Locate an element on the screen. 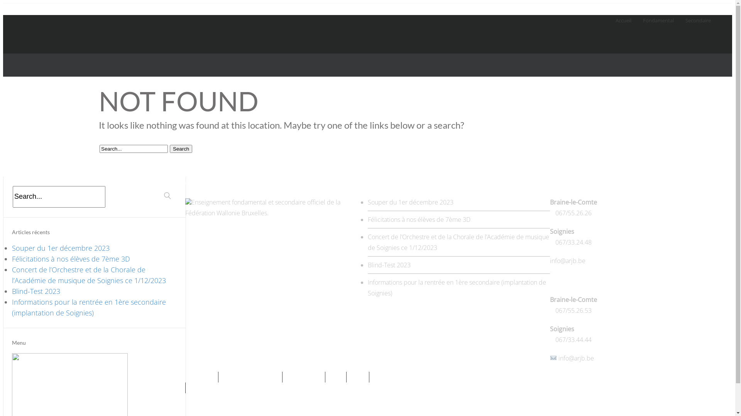  '067/55.26.53' is located at coordinates (574, 310).